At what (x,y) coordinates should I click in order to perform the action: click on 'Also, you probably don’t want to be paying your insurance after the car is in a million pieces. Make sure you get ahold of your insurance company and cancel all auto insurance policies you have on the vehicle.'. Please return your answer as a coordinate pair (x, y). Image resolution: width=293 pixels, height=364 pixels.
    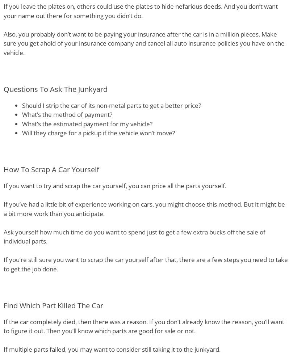
    Looking at the image, I should click on (144, 43).